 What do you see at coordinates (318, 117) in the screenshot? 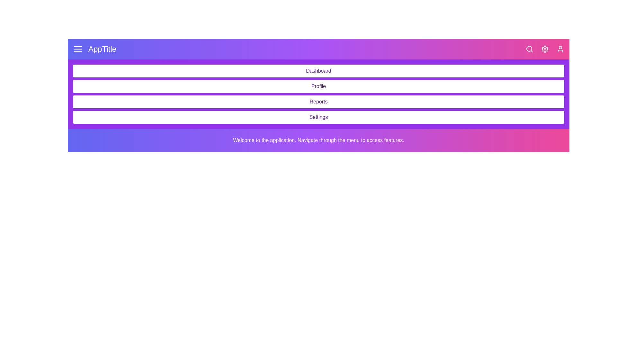
I see `the menu item 'Settings' from the navigation menu` at bounding box center [318, 117].